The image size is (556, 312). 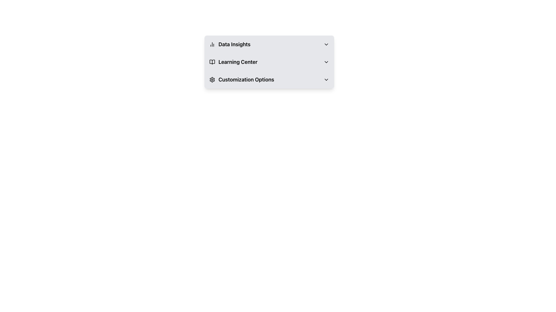 What do you see at coordinates (212, 80) in the screenshot?
I see `the cogwheel-shaped icon associated with settings in the 'Customization Options' section, located below 'Learning Center' and 'Data Insights'` at bounding box center [212, 80].